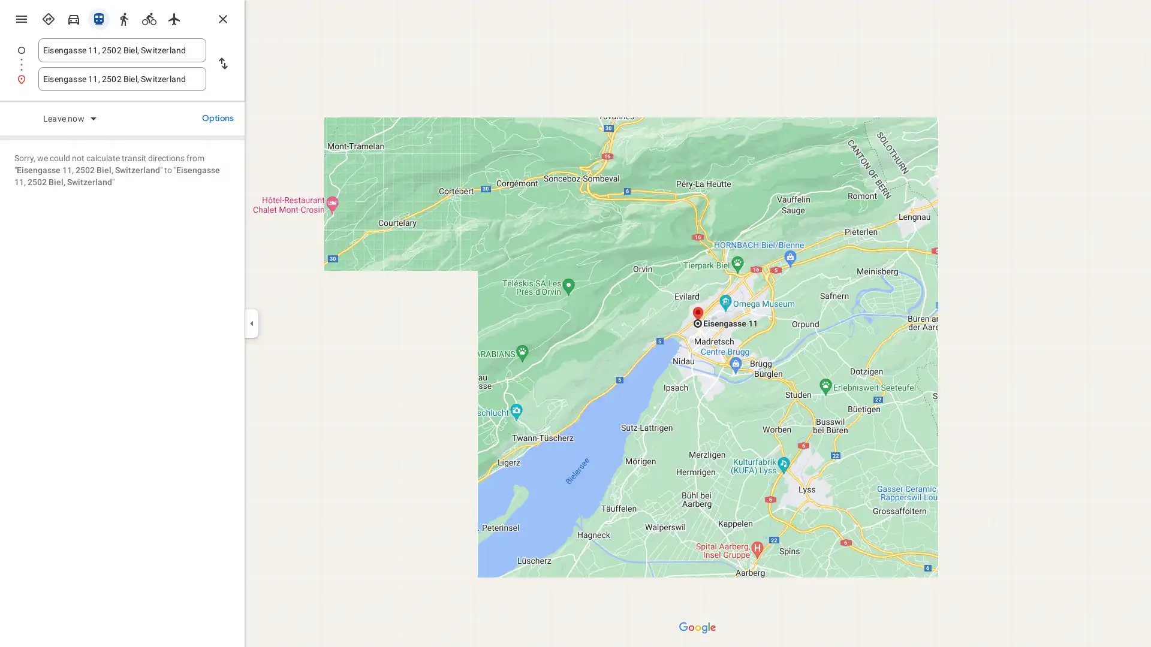  I want to click on Collapse side panel, so click(251, 323).